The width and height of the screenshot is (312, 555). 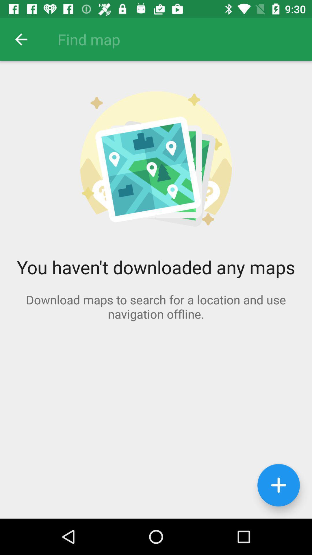 What do you see at coordinates (278, 485) in the screenshot?
I see `the icon at the bottom right corner of the page` at bounding box center [278, 485].